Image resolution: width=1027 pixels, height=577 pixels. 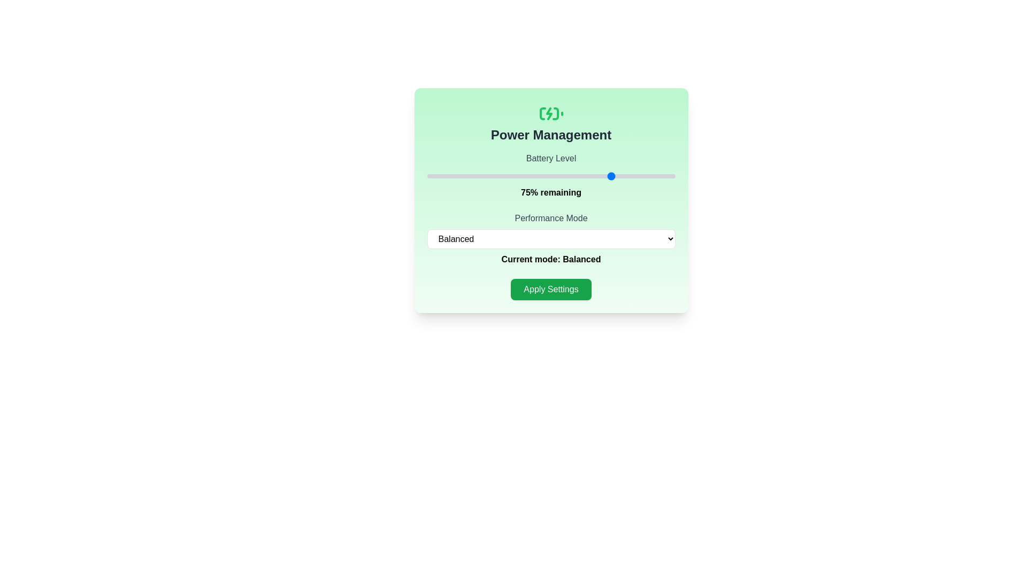 I want to click on the battery level to 7% by interacting with the slider, so click(x=444, y=176).